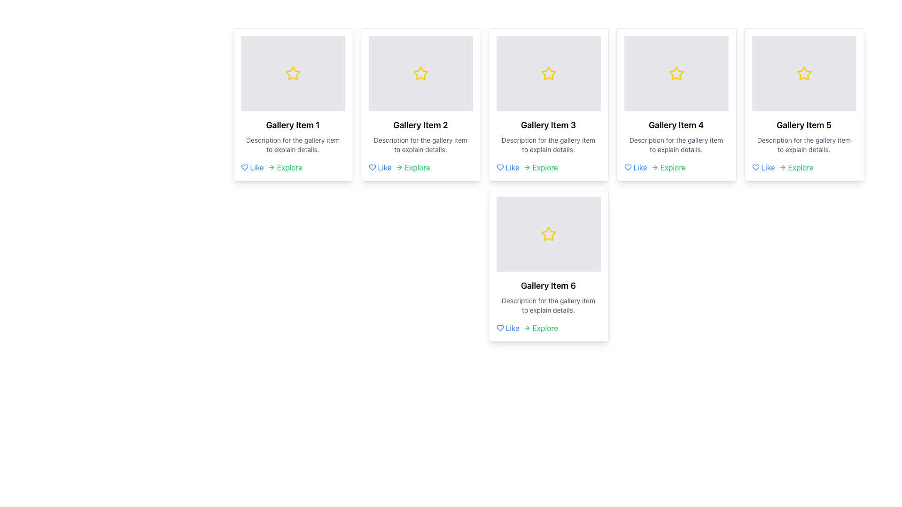 The width and height of the screenshot is (902, 507). I want to click on the Decorative Icon located in the 'Gallery Item 6' card, which symbolizes a feature such as a favorite or rating, so click(548, 233).